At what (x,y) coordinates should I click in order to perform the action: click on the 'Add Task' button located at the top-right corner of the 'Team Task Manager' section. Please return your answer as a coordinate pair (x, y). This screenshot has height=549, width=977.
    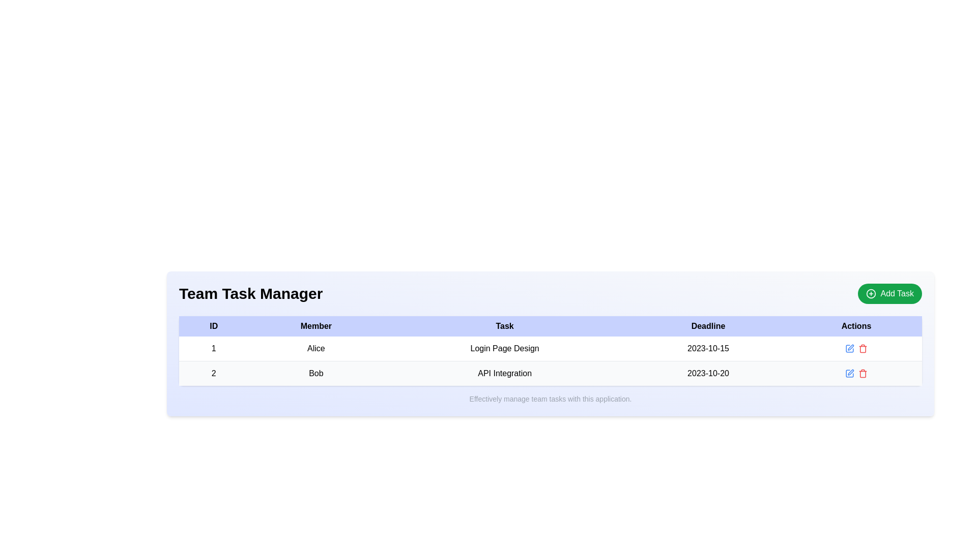
    Looking at the image, I should click on (889, 294).